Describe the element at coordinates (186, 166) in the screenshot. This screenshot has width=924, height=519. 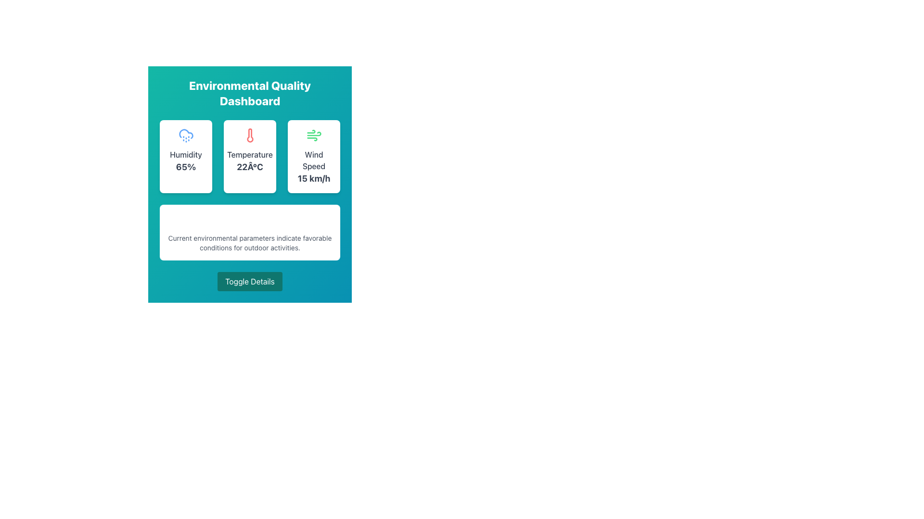
I see `humidity percentage displayed in the text label showing '65%' located under the 'Humidity' section, centered horizontally below the humidity label and icon` at that location.